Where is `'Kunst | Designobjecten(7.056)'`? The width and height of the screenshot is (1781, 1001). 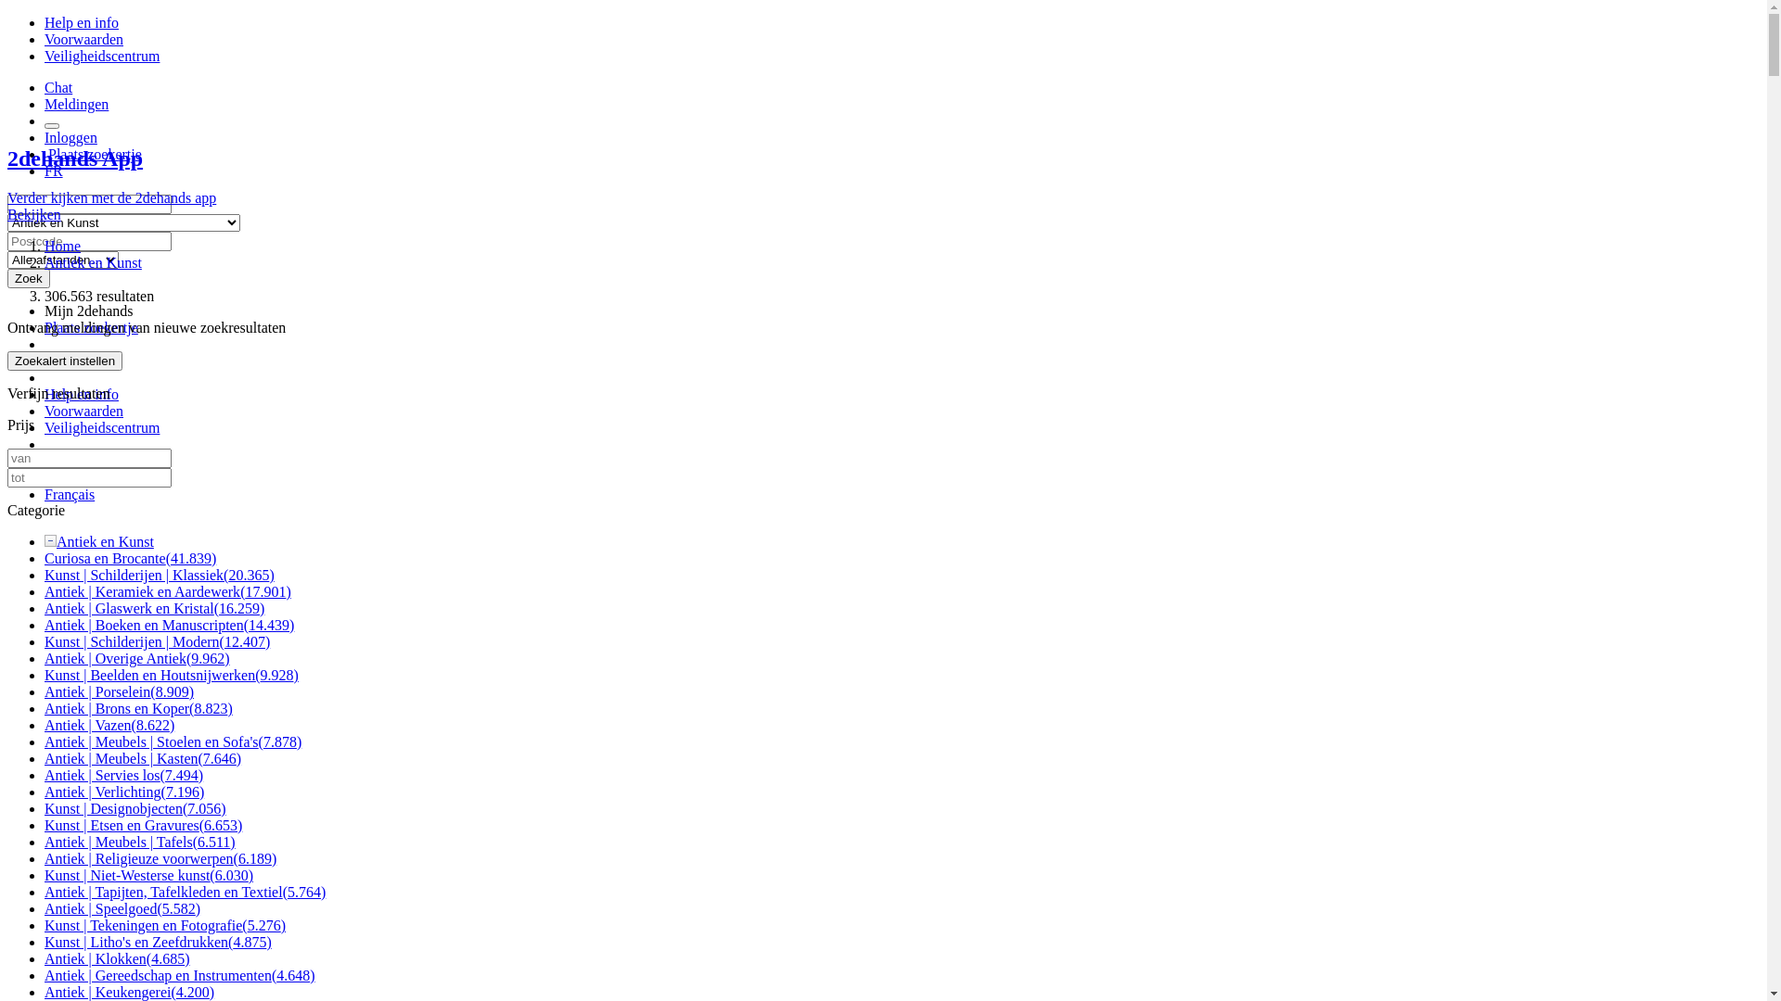
'Kunst | Designobjecten(7.056)' is located at coordinates (45, 807).